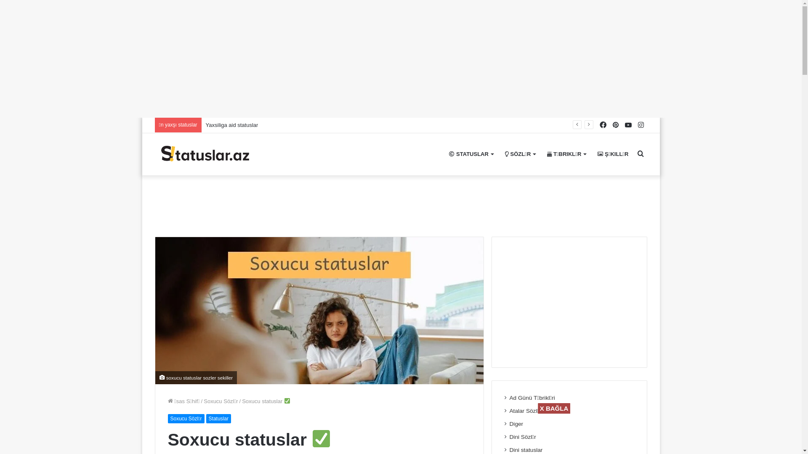  What do you see at coordinates (569, 301) in the screenshot?
I see `'Advertisement'` at bounding box center [569, 301].